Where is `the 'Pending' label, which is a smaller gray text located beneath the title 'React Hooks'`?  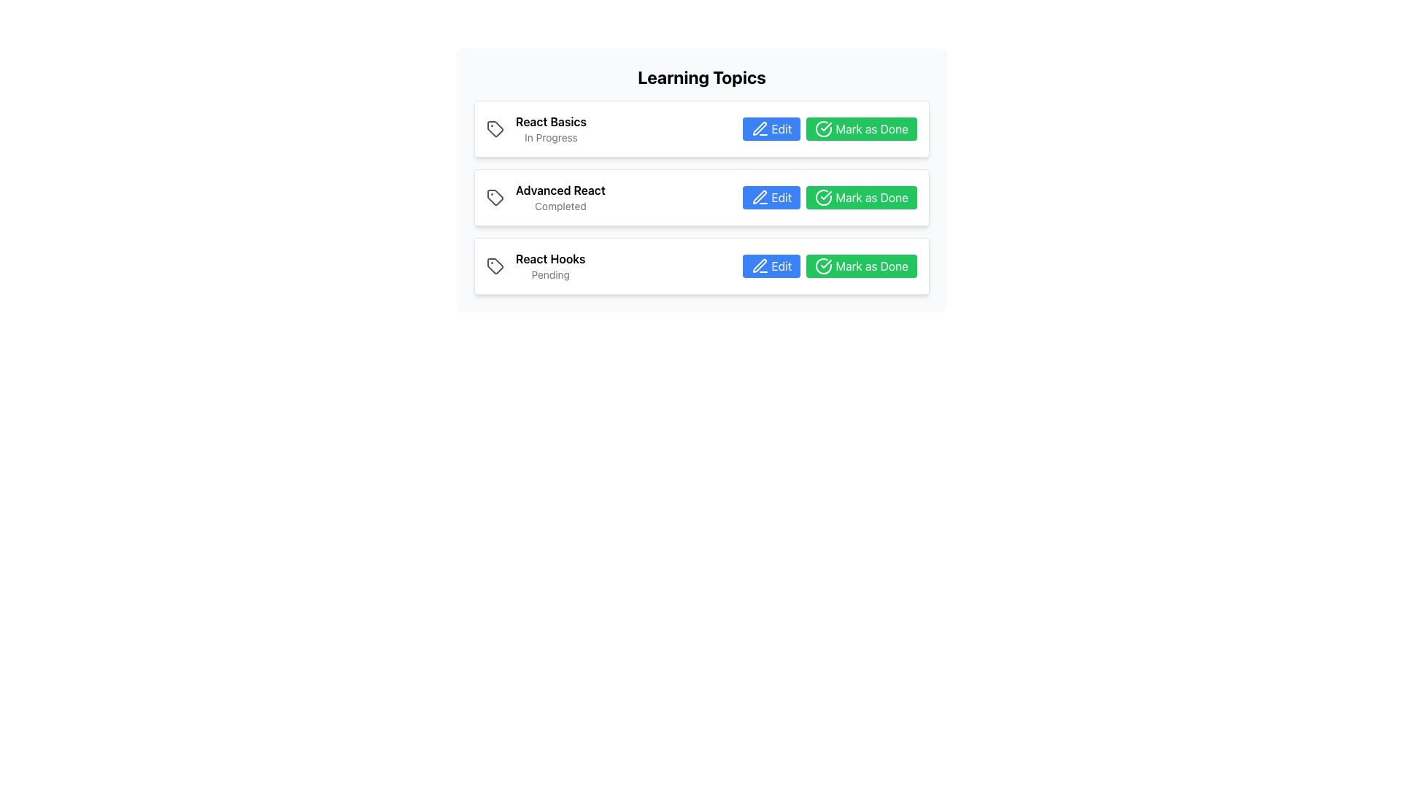 the 'Pending' label, which is a smaller gray text located beneath the title 'React Hooks' is located at coordinates (549, 275).